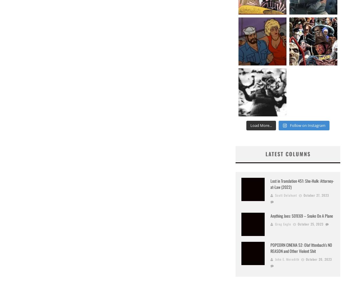 Image resolution: width=349 pixels, height=284 pixels. Describe the element at coordinates (302, 216) in the screenshot. I see `'Anything Joes: S01E69 – Snake On A Plane'` at that location.